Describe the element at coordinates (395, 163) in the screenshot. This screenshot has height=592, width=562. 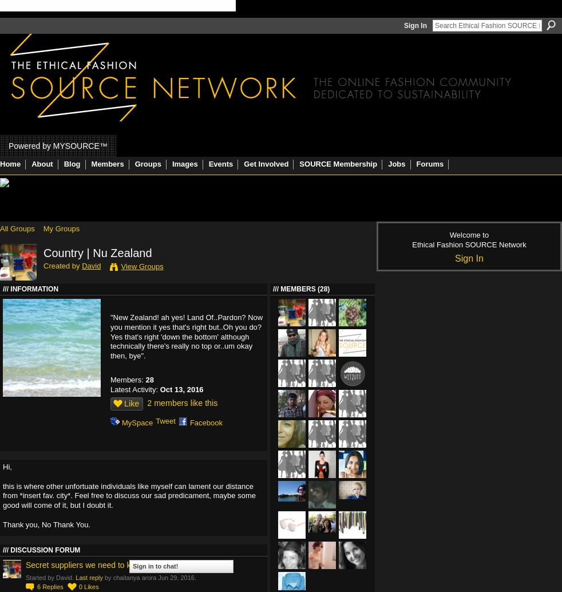
I see `'Jobs'` at that location.